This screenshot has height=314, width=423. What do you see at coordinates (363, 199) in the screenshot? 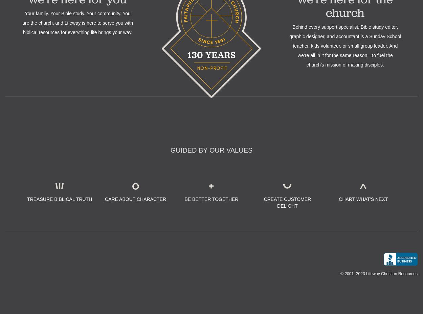
I see `'CHART WHAT'S NEXT'` at bounding box center [363, 199].